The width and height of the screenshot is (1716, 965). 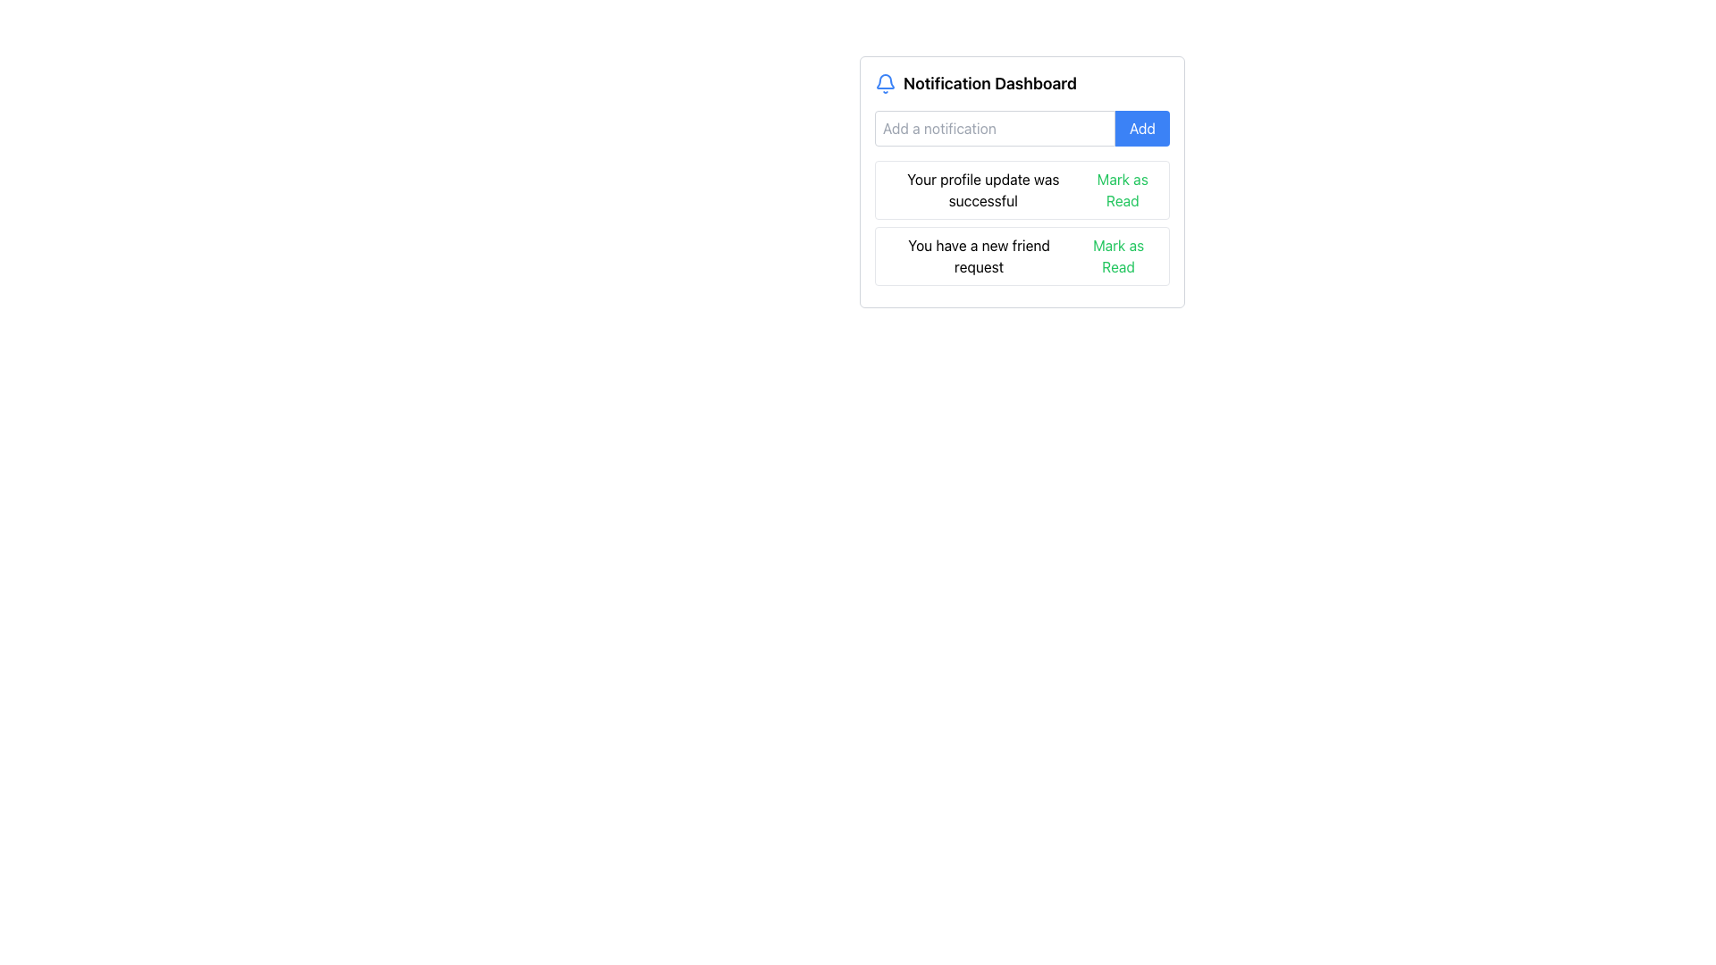 What do you see at coordinates (978, 256) in the screenshot?
I see `the static text label that displays 'You have a new friend request', which is located in the lower portion of the notification list within a bordered and rounded rectangular box` at bounding box center [978, 256].